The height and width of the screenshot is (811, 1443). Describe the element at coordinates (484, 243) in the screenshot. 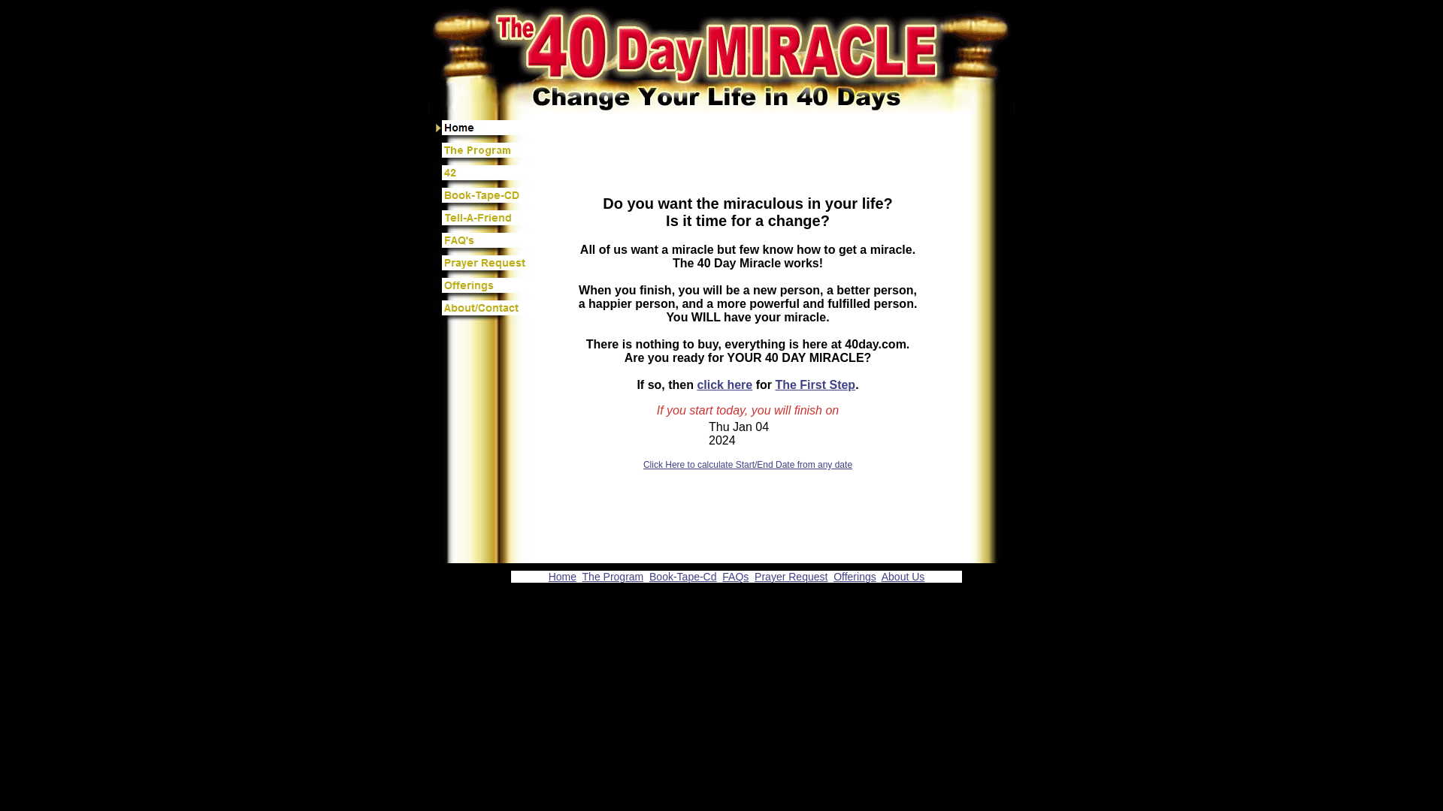

I see `'FAQ's'` at that location.